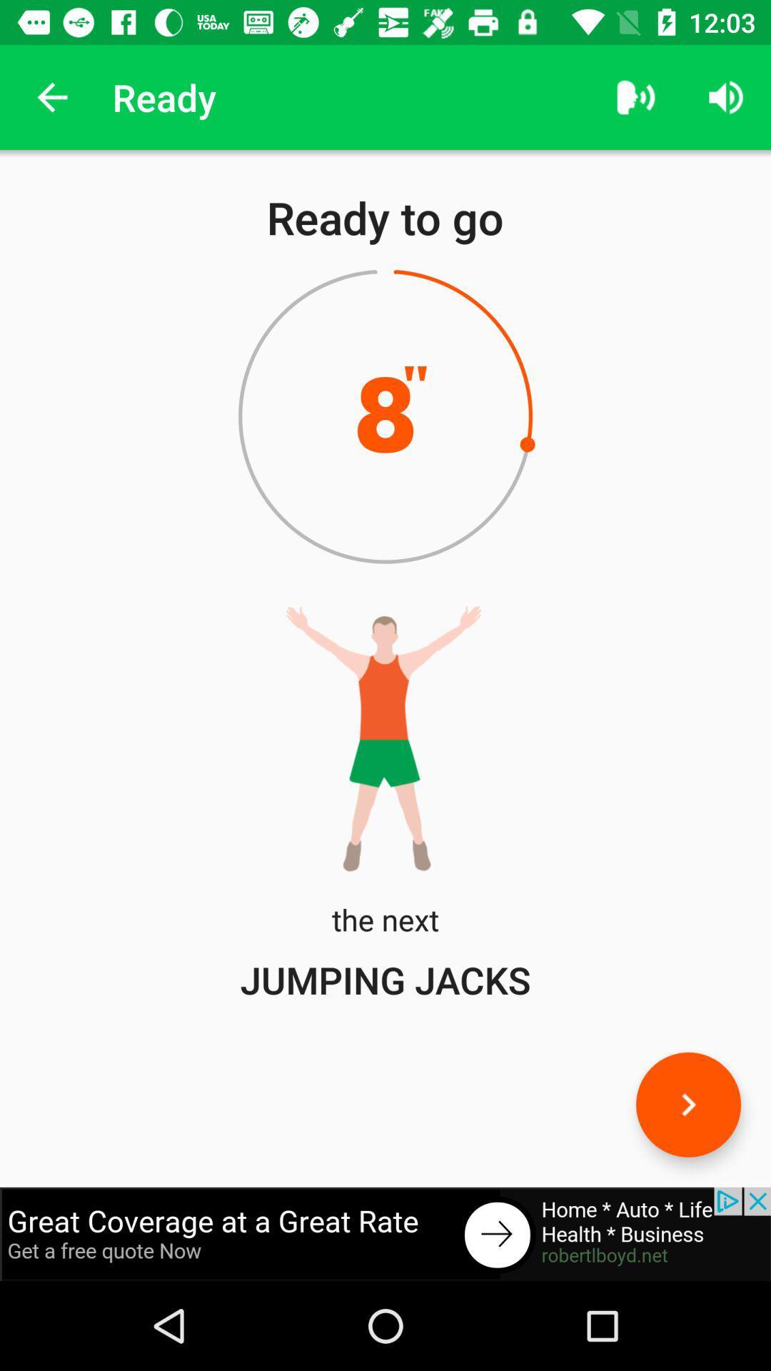 This screenshot has width=771, height=1371. Describe the element at coordinates (687, 1104) in the screenshot. I see `next option` at that location.